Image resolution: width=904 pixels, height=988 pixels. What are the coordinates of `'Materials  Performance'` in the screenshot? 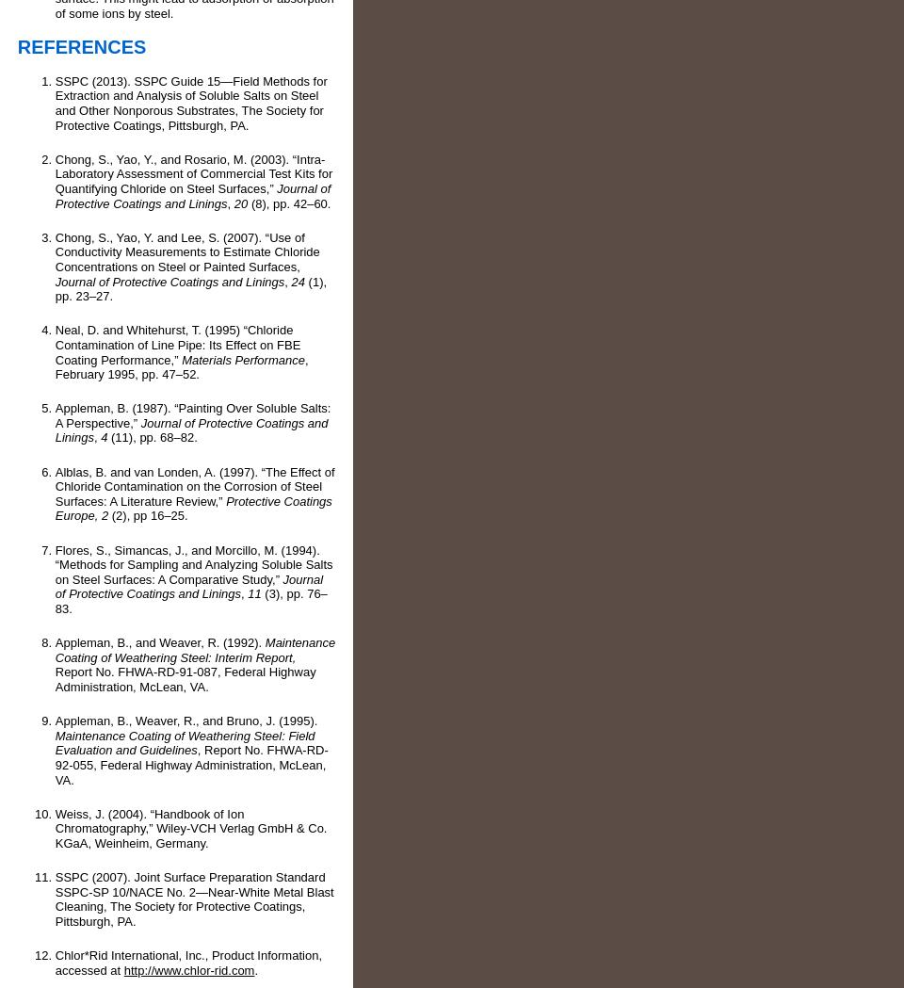 It's located at (242, 359).